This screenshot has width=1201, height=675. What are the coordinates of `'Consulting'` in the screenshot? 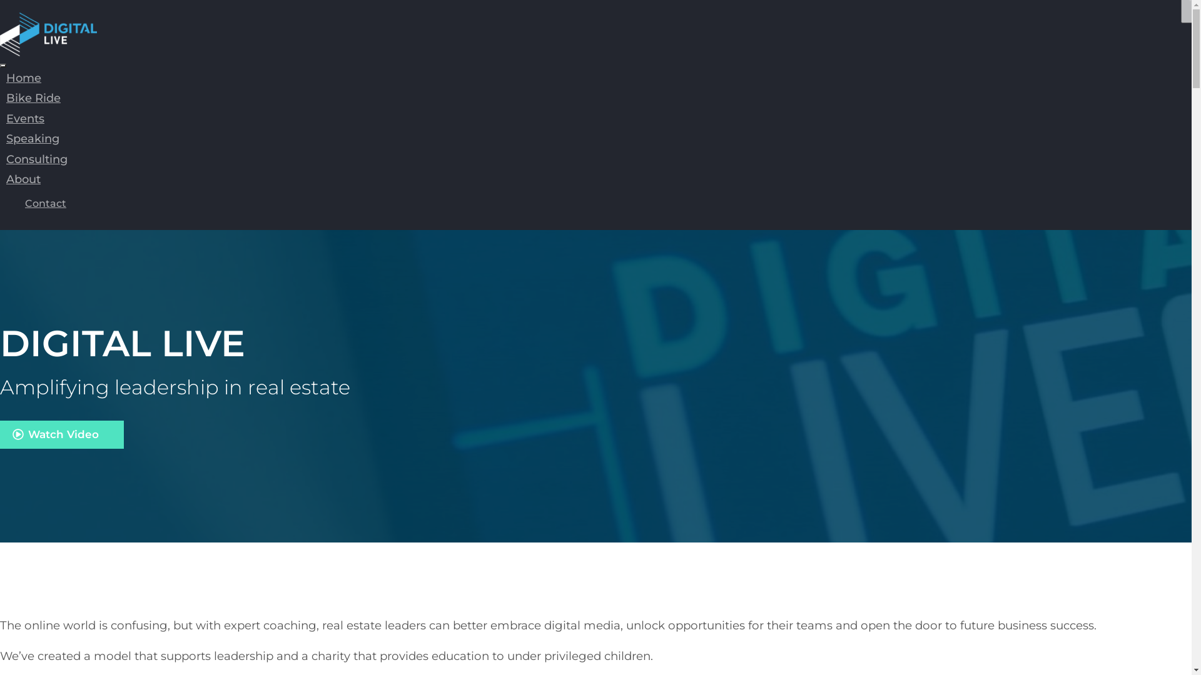 It's located at (0, 158).